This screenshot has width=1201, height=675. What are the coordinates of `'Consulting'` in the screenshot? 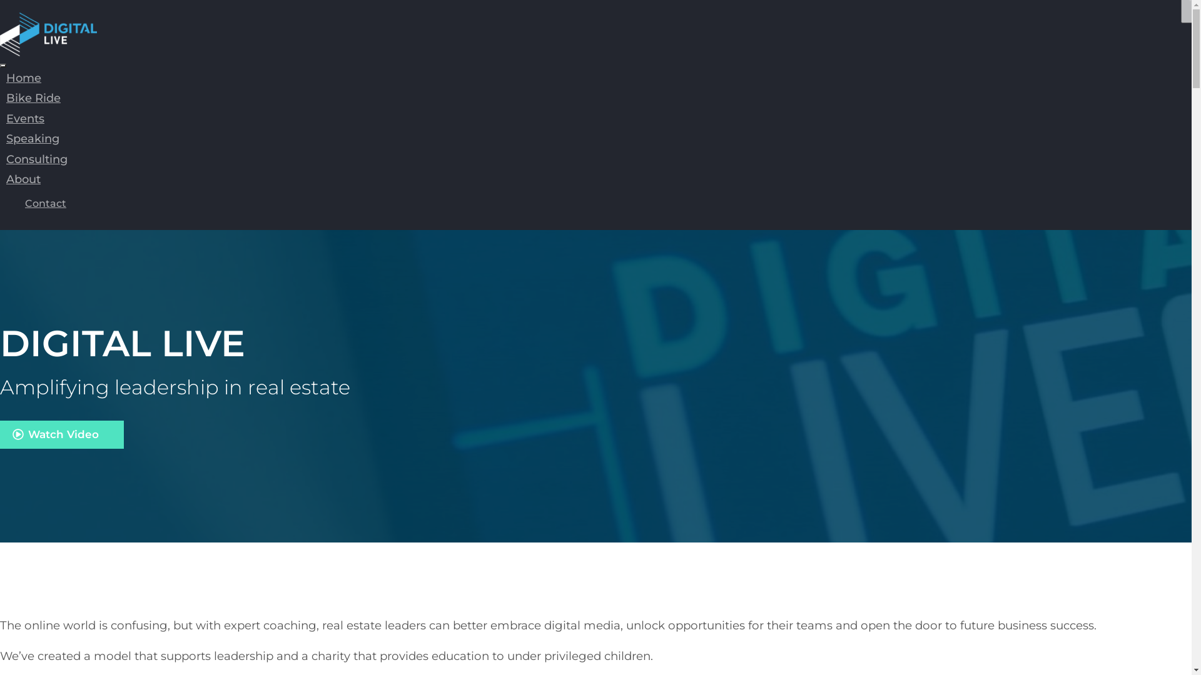 It's located at (0, 158).